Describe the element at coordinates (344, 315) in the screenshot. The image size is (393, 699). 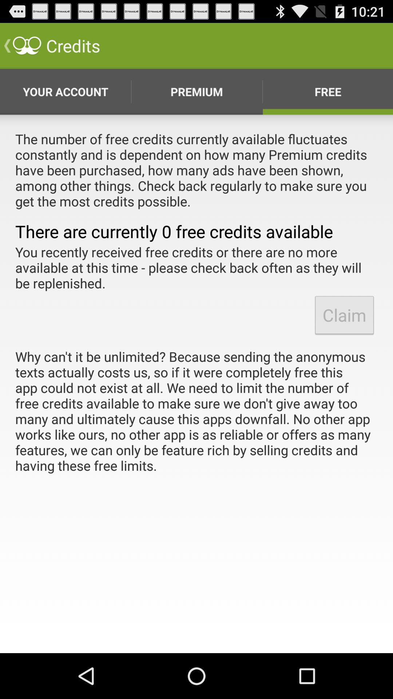
I see `claim  button` at that location.